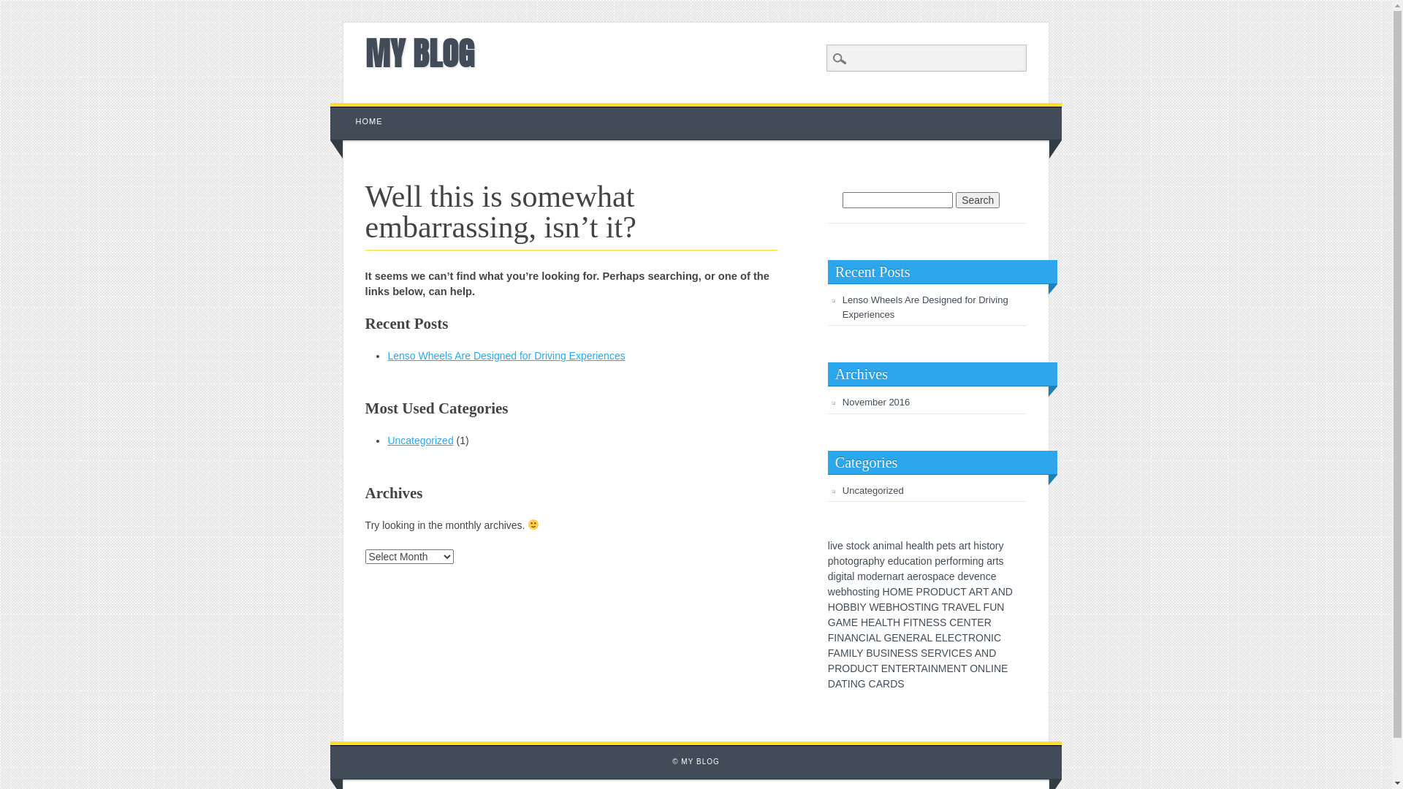 This screenshot has height=789, width=1403. What do you see at coordinates (387, 355) in the screenshot?
I see `'Lenso Wheels Are Designed for Driving Experiences'` at bounding box center [387, 355].